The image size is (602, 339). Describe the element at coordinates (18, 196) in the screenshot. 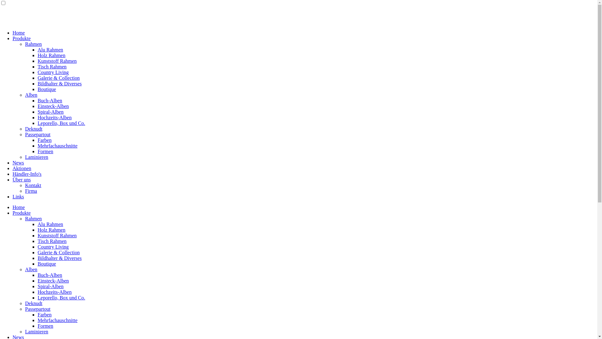

I see `'Links'` at that location.